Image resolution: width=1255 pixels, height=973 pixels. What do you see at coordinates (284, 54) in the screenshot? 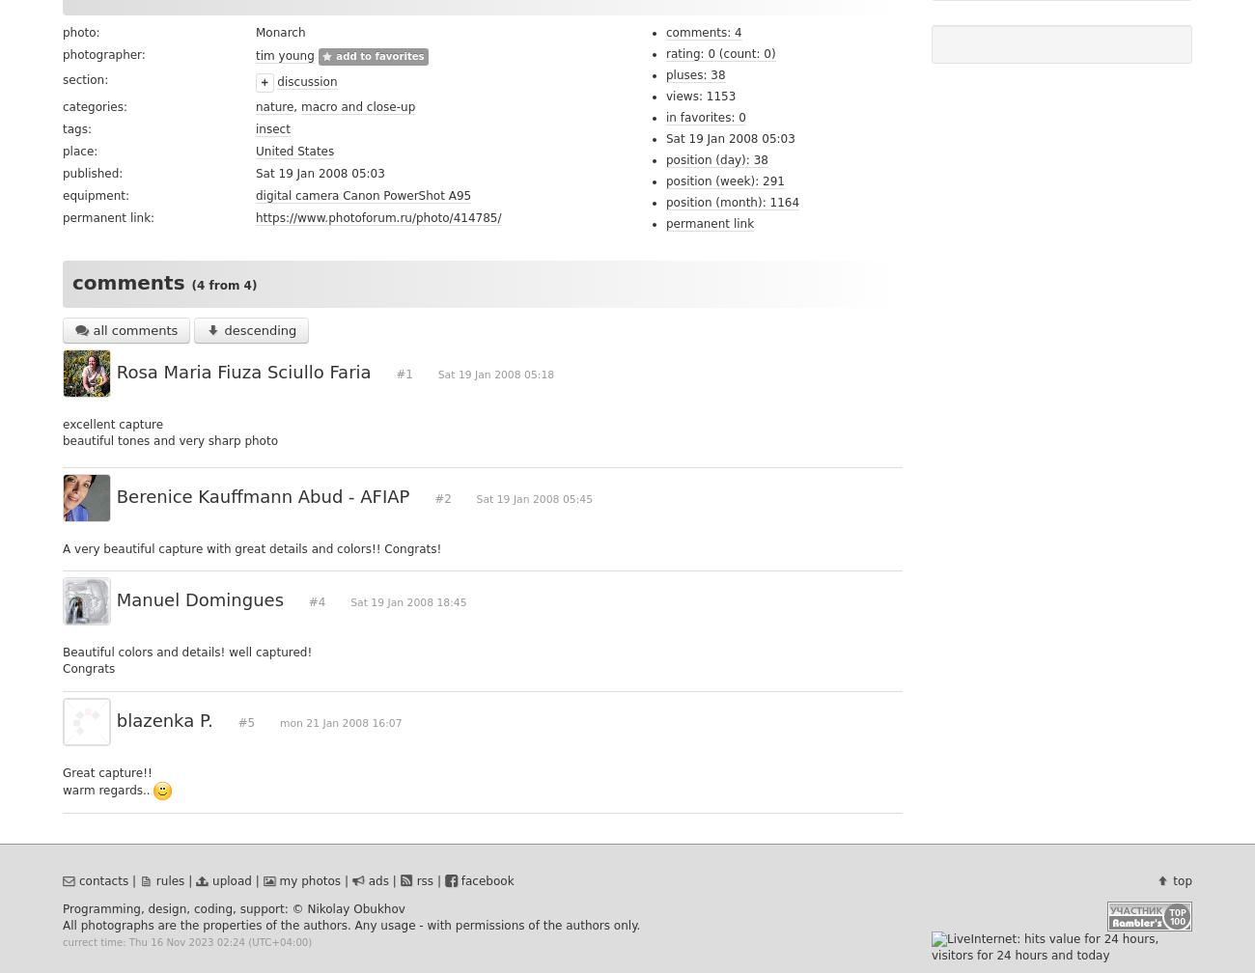
I see `'tim young'` at bounding box center [284, 54].